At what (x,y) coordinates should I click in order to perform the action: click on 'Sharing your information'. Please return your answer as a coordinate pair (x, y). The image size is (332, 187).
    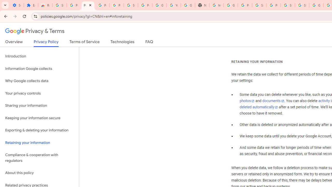
    Looking at the image, I should click on (39, 105).